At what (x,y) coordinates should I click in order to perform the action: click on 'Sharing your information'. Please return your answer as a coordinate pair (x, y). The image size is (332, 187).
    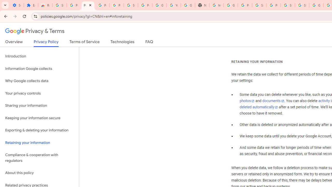
    Looking at the image, I should click on (39, 105).